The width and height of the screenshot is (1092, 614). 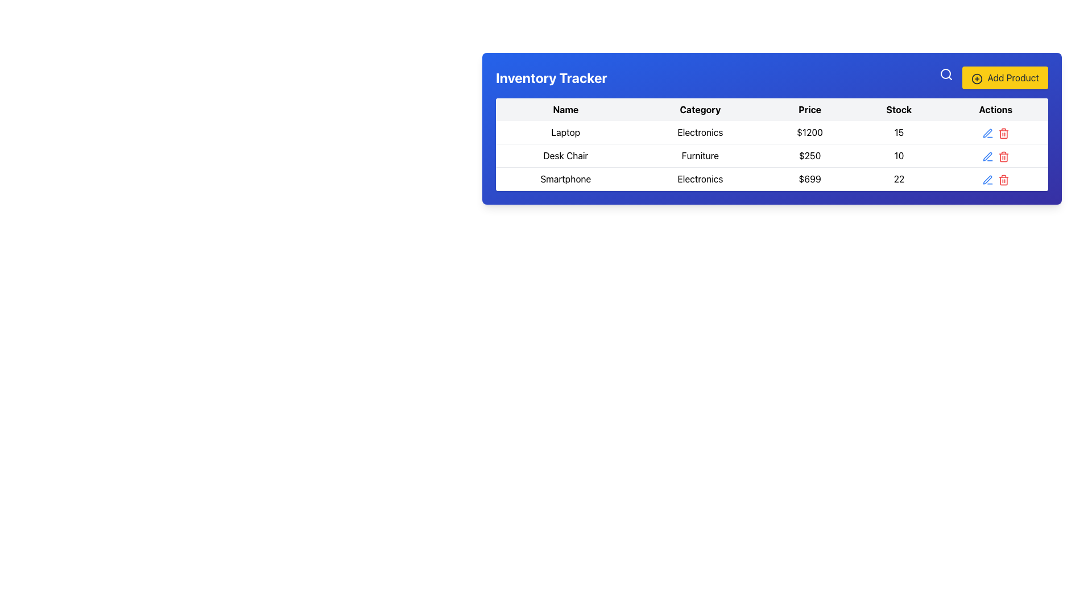 I want to click on the circular decorative outline surrounding the '+' symbol on the yellow 'Add Product' button located at the top-right area of the interface, so click(x=977, y=78).